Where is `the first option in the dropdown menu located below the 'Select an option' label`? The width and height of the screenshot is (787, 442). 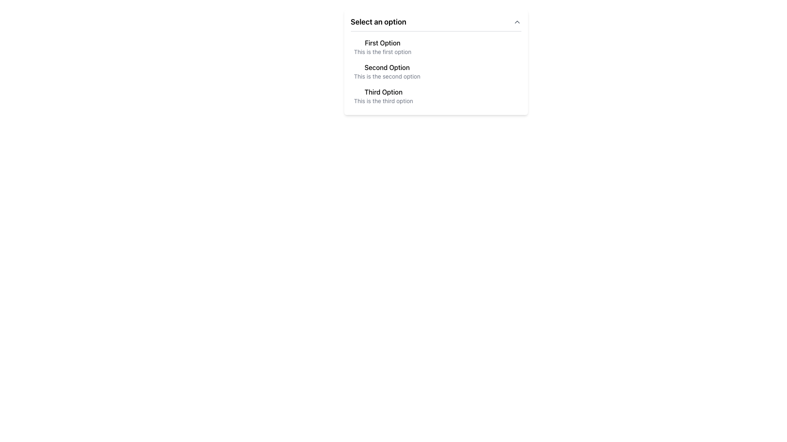
the first option in the dropdown menu located below the 'Select an option' label is located at coordinates (382, 47).